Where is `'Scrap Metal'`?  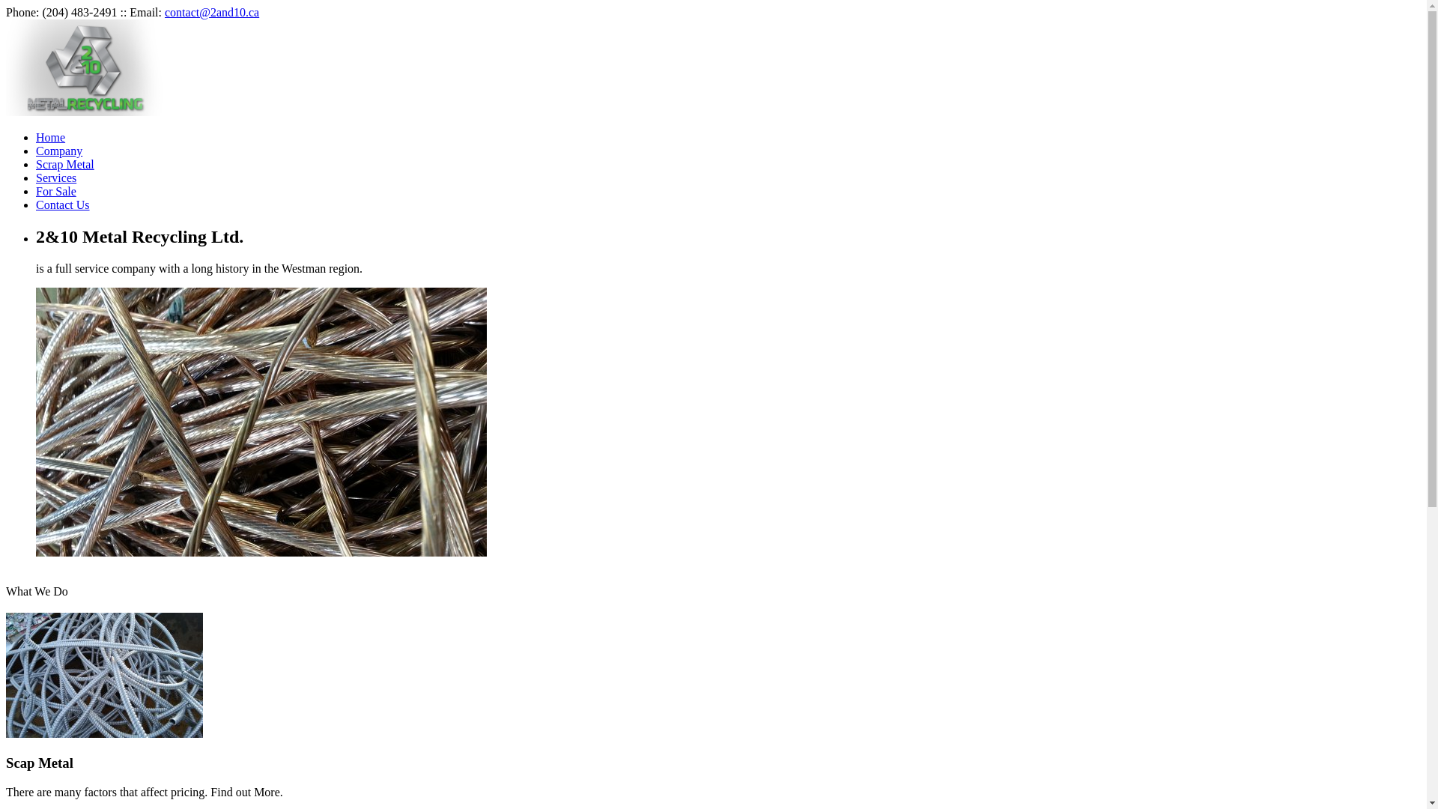 'Scrap Metal' is located at coordinates (64, 164).